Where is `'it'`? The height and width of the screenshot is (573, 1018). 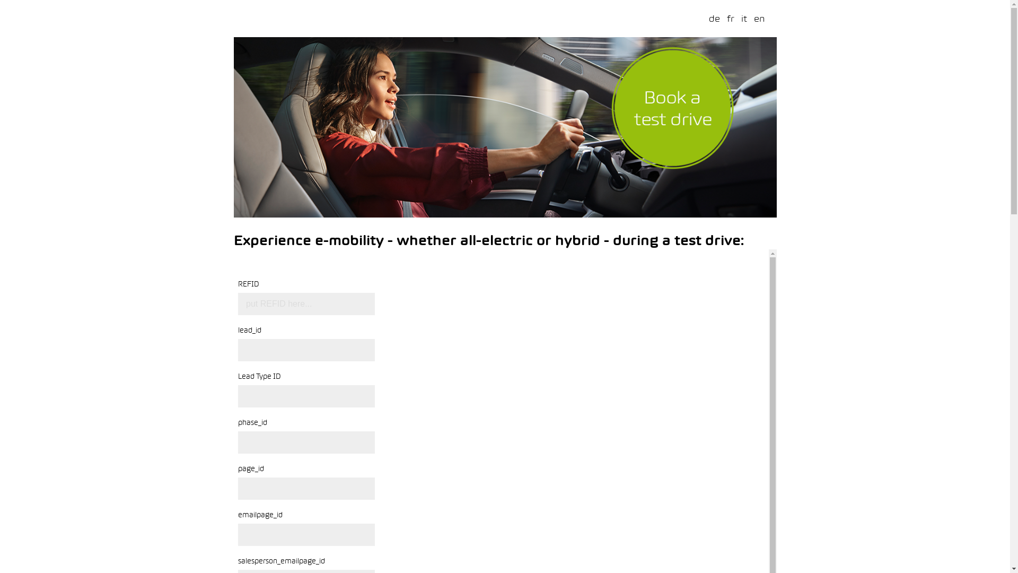 'it' is located at coordinates (743, 18).